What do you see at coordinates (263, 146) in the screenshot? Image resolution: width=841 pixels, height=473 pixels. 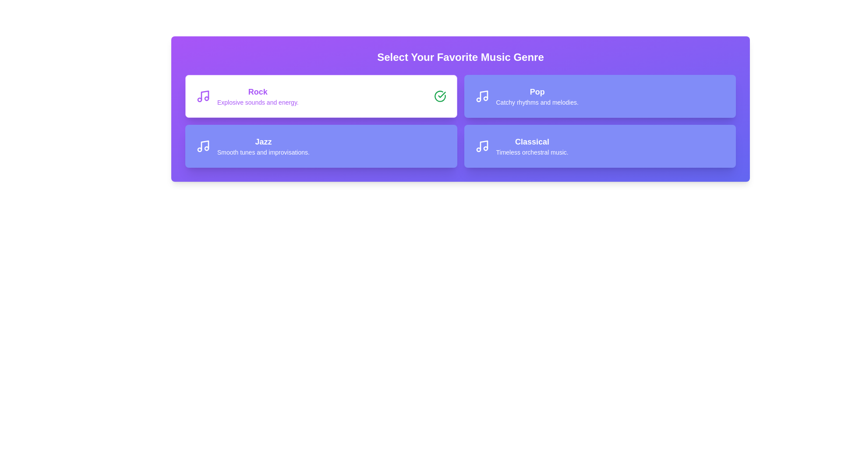 I see `text content displayed in the 'Jazz' card, which includes 'Jazz' in a large, bold font and 'Smooth tunes and improvisations.' in smaller, regular styling` at bounding box center [263, 146].